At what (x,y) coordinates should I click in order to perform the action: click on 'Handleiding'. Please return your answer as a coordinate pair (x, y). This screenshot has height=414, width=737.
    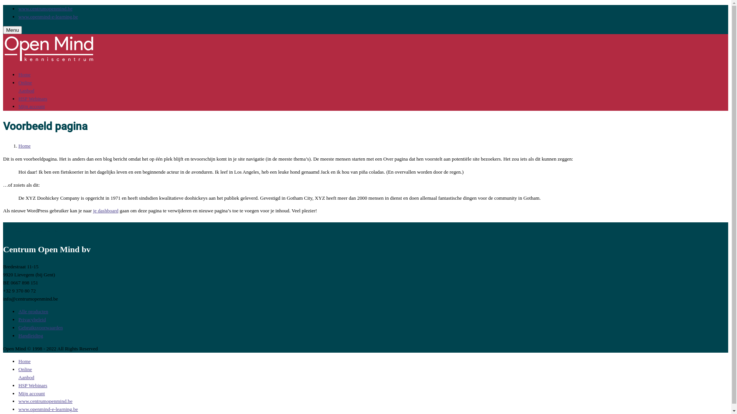
    Looking at the image, I should click on (31, 335).